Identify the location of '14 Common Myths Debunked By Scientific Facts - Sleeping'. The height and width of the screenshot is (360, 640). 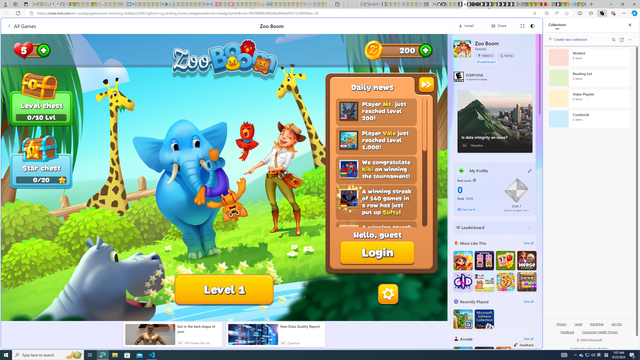
(239, 4).